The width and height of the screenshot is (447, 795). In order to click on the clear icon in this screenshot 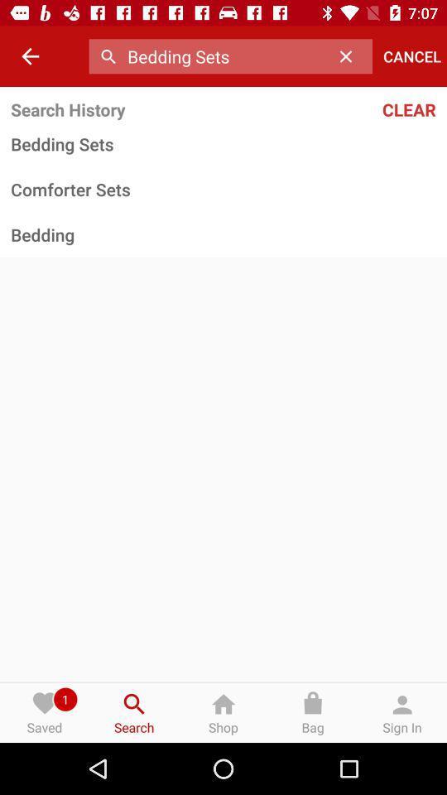, I will do `click(372, 108)`.